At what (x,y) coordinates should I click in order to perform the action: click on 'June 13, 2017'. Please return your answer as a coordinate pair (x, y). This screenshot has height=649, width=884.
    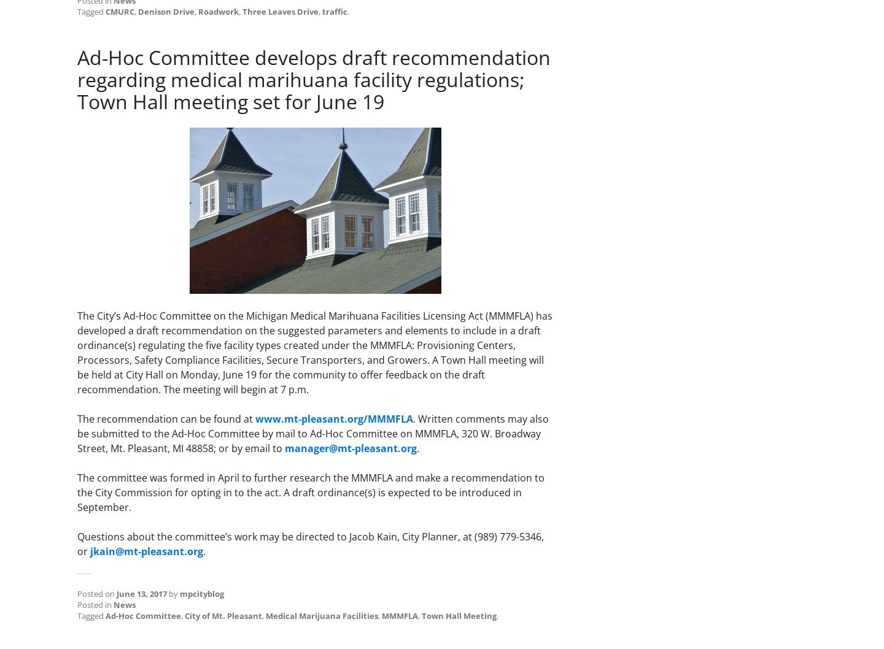
    Looking at the image, I should click on (141, 593).